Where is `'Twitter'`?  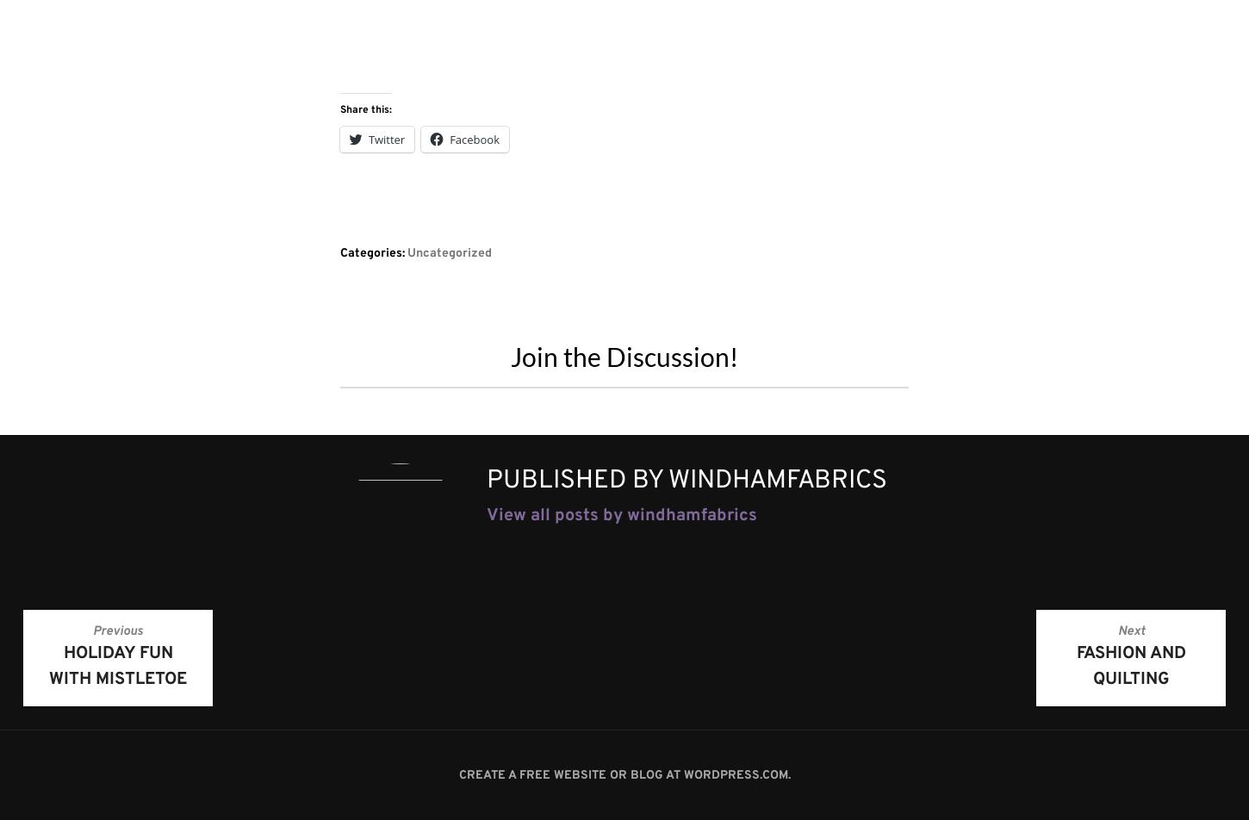
'Twitter' is located at coordinates (368, 138).